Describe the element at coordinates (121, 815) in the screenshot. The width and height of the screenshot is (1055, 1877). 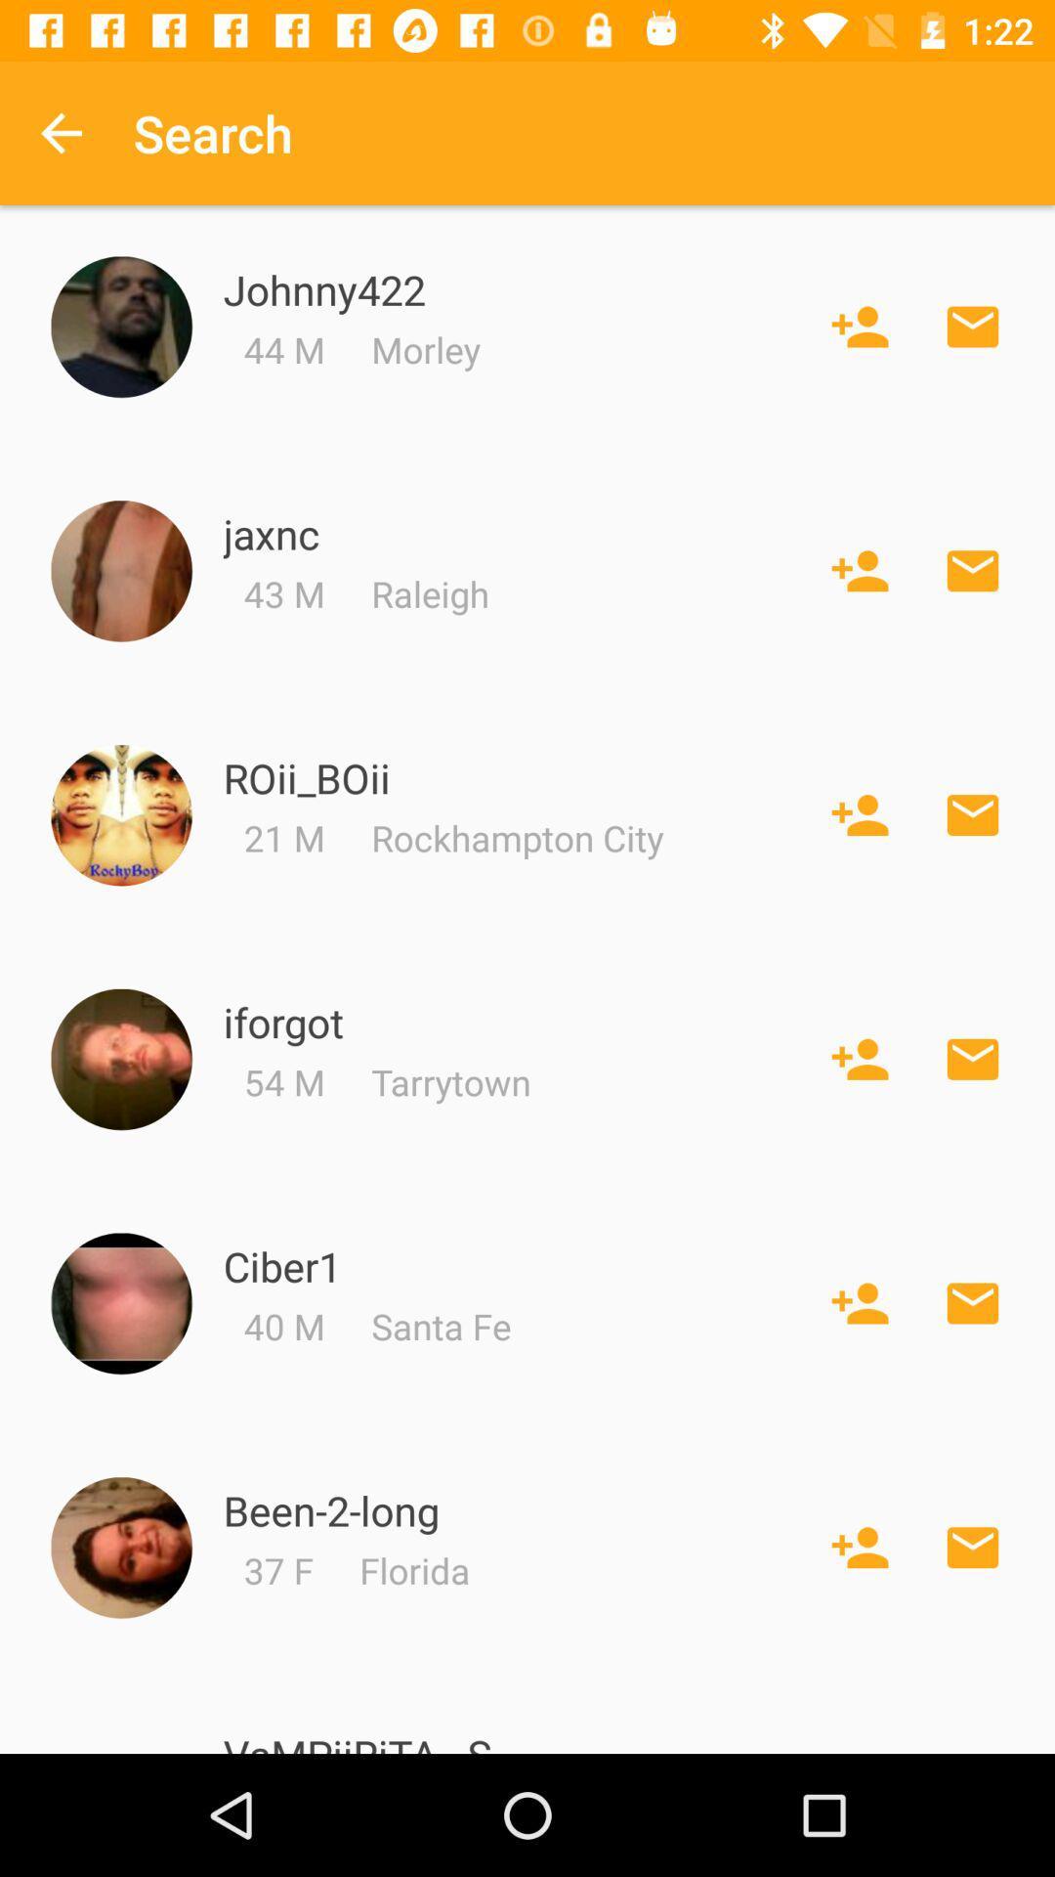
I see `profile picture` at that location.